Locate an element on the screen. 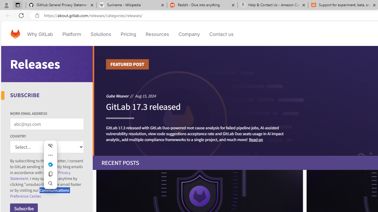 The image size is (378, 212). 'Solutions' is located at coordinates (101, 34).